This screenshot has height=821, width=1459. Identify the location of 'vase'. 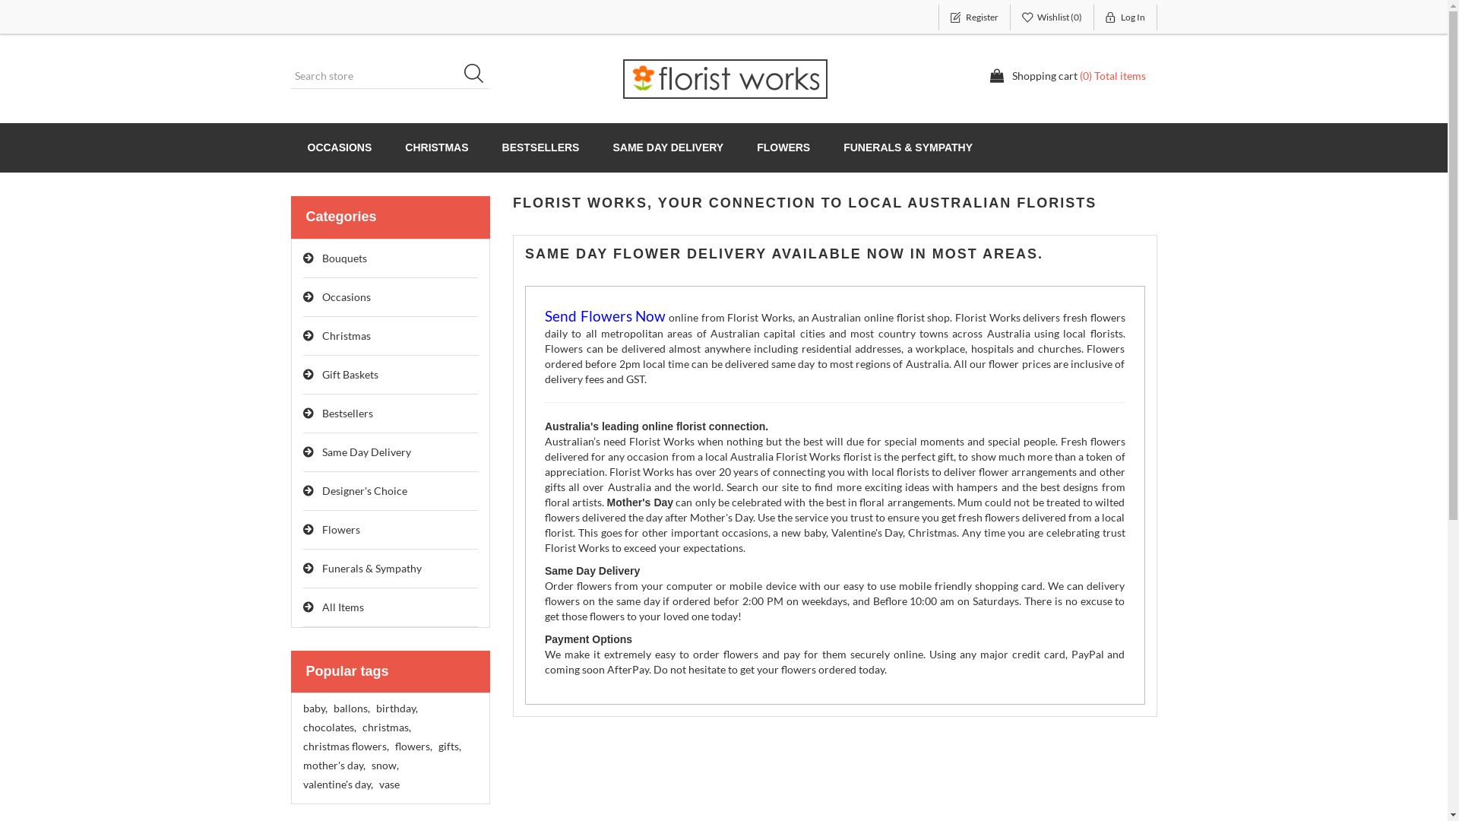
(378, 785).